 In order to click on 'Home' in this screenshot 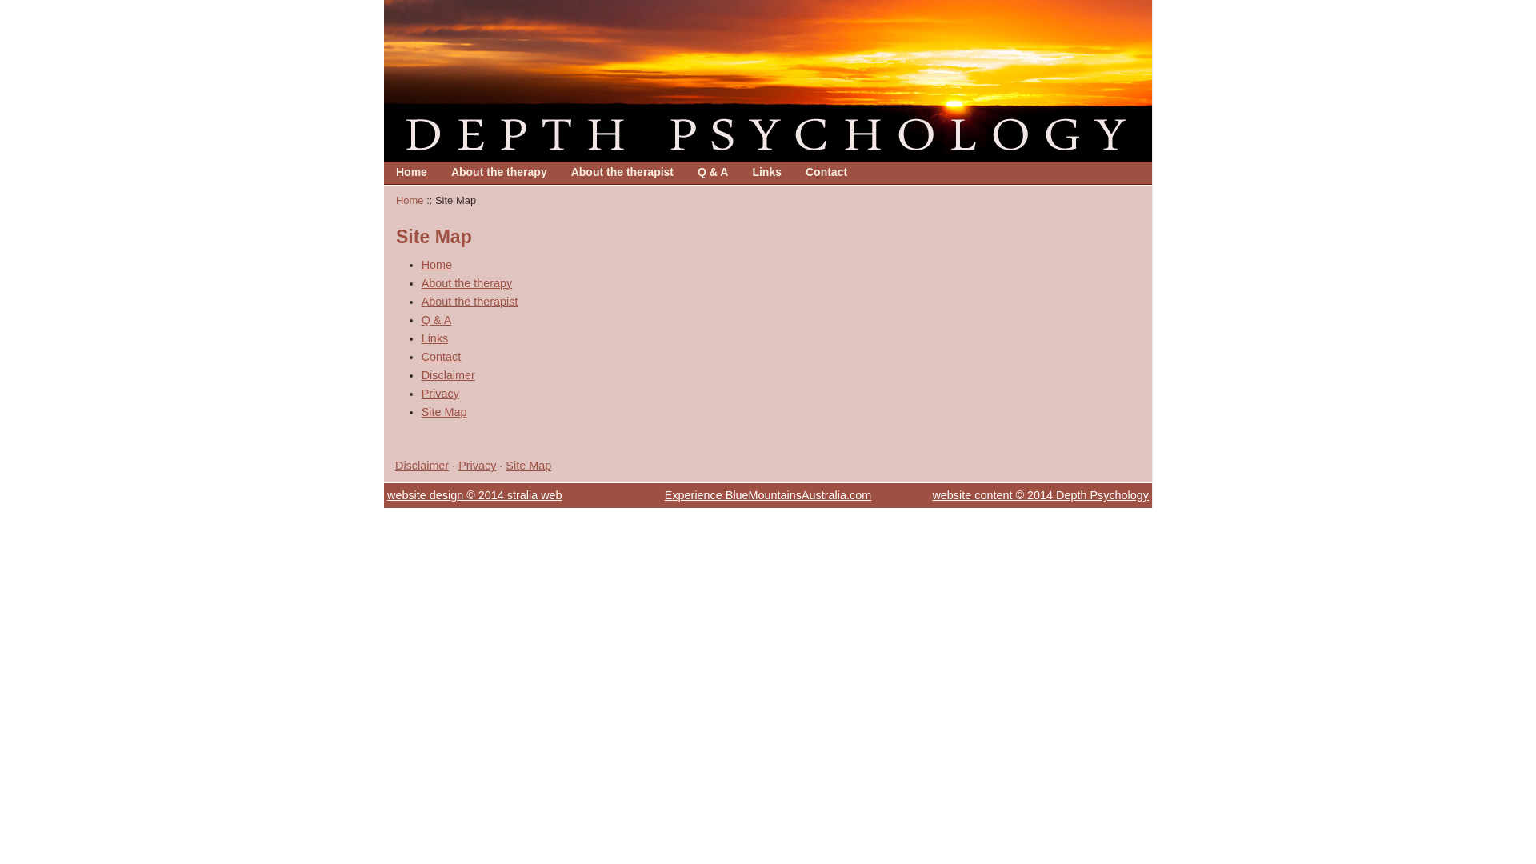, I will do `click(410, 199)`.